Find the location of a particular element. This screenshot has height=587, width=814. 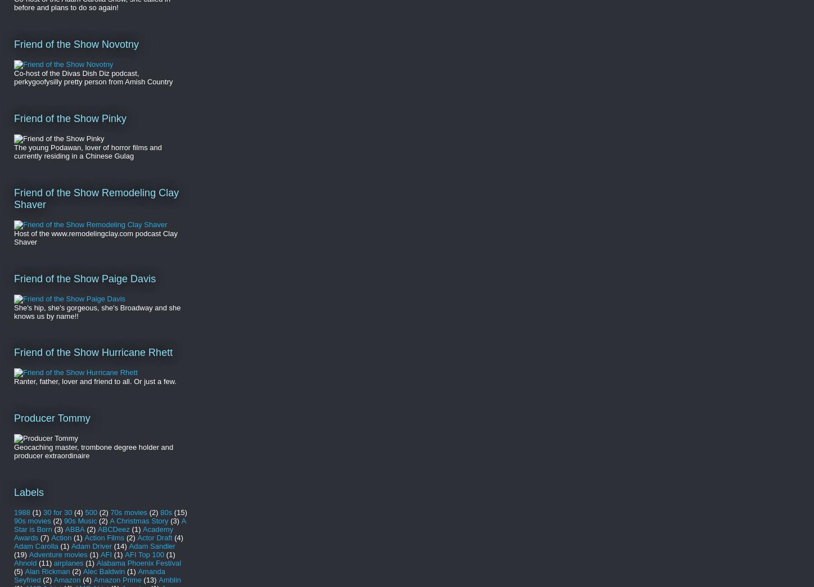

'90s movies' is located at coordinates (32, 520).